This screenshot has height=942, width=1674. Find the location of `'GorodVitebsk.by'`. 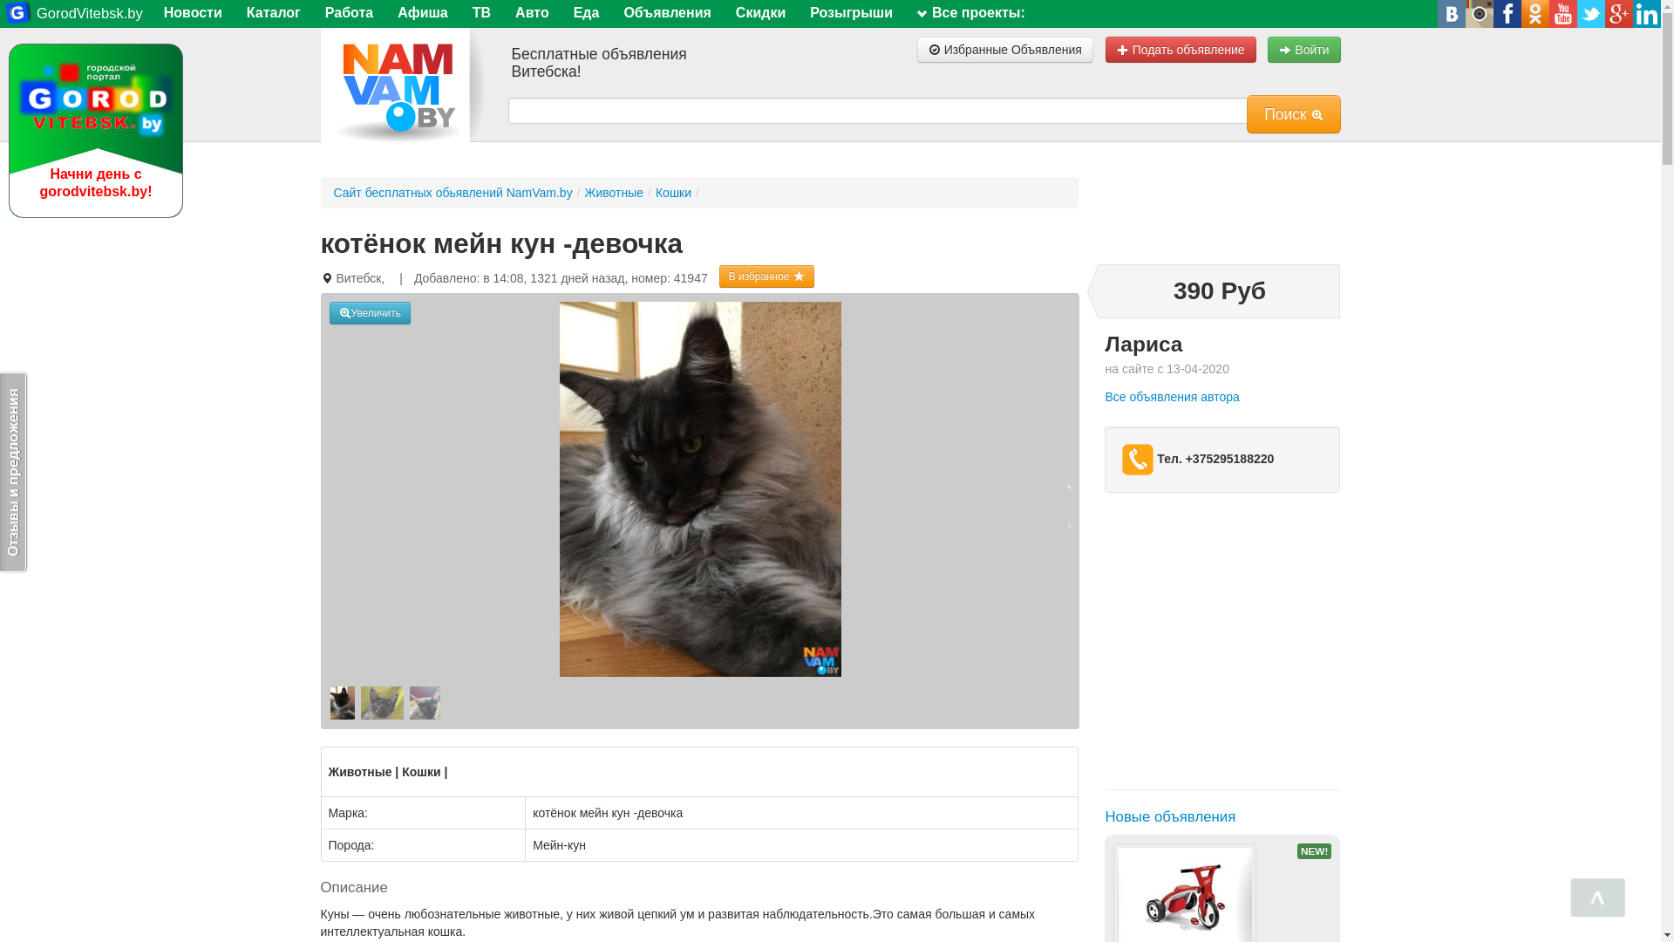

'GorodVitebsk.by' is located at coordinates (72, 13).